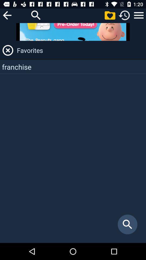  I want to click on the search icon, so click(36, 15).